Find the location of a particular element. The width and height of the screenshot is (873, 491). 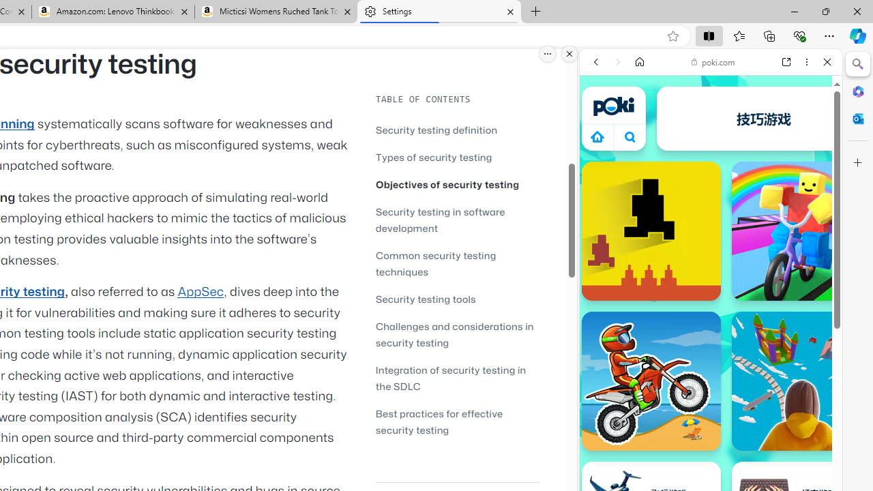

'Collections' is located at coordinates (769, 35).